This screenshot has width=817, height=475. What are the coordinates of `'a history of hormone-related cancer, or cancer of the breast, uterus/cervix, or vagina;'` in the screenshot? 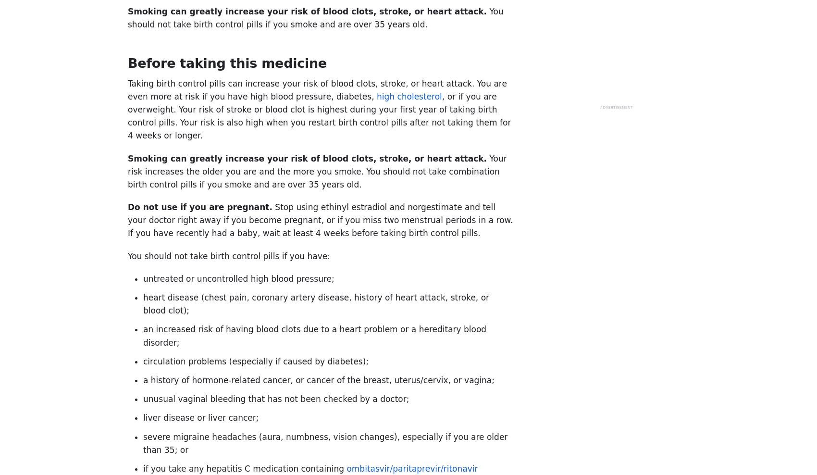 It's located at (319, 379).